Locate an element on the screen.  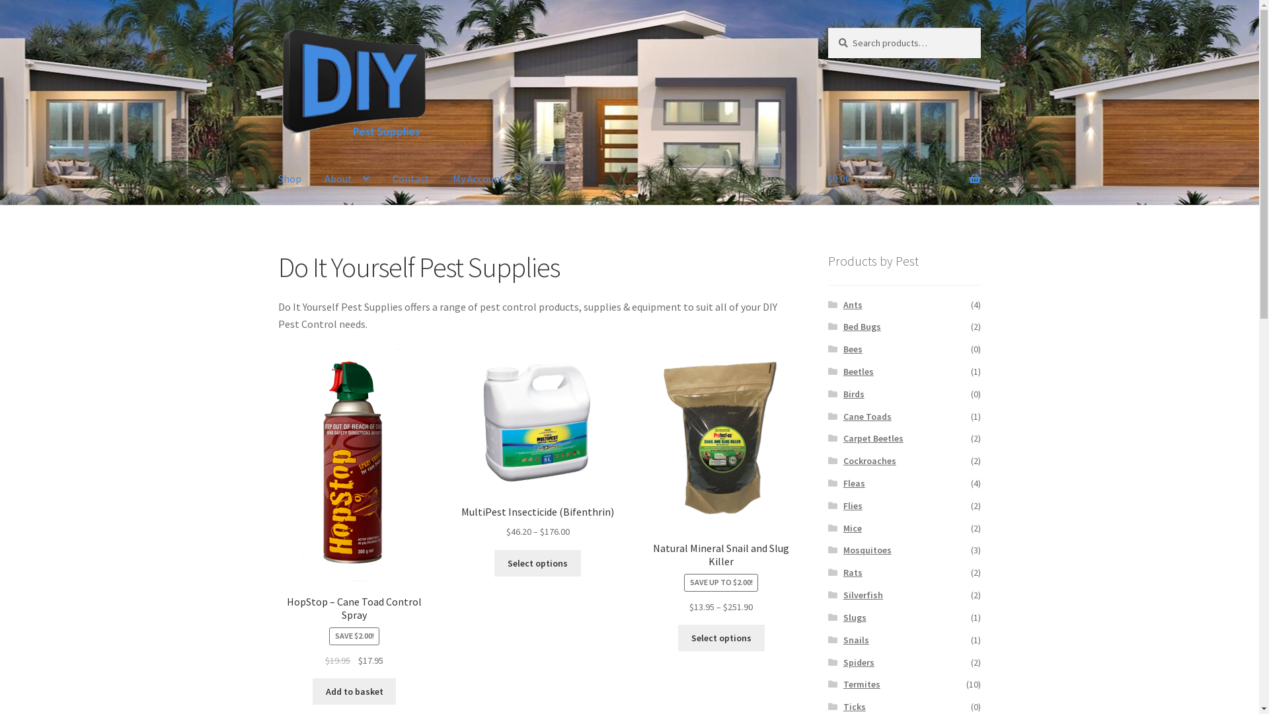
'Birds' is located at coordinates (853, 393).